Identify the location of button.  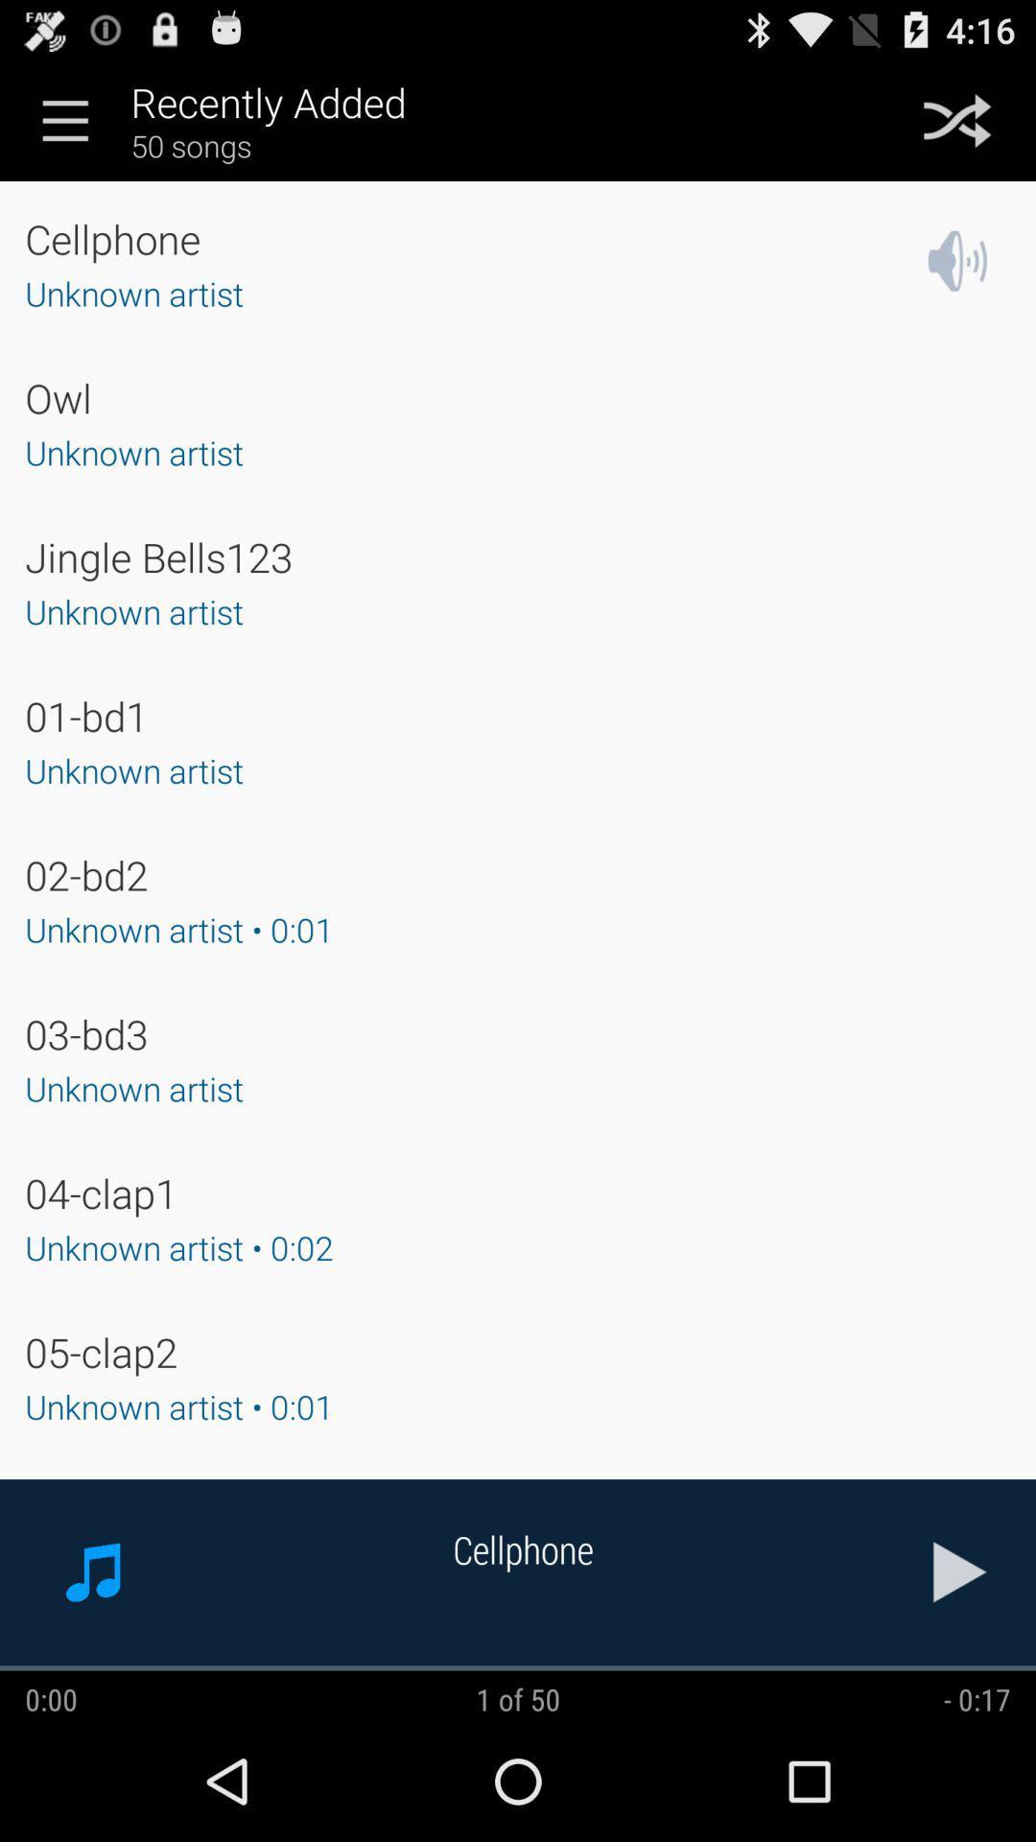
(960, 1571).